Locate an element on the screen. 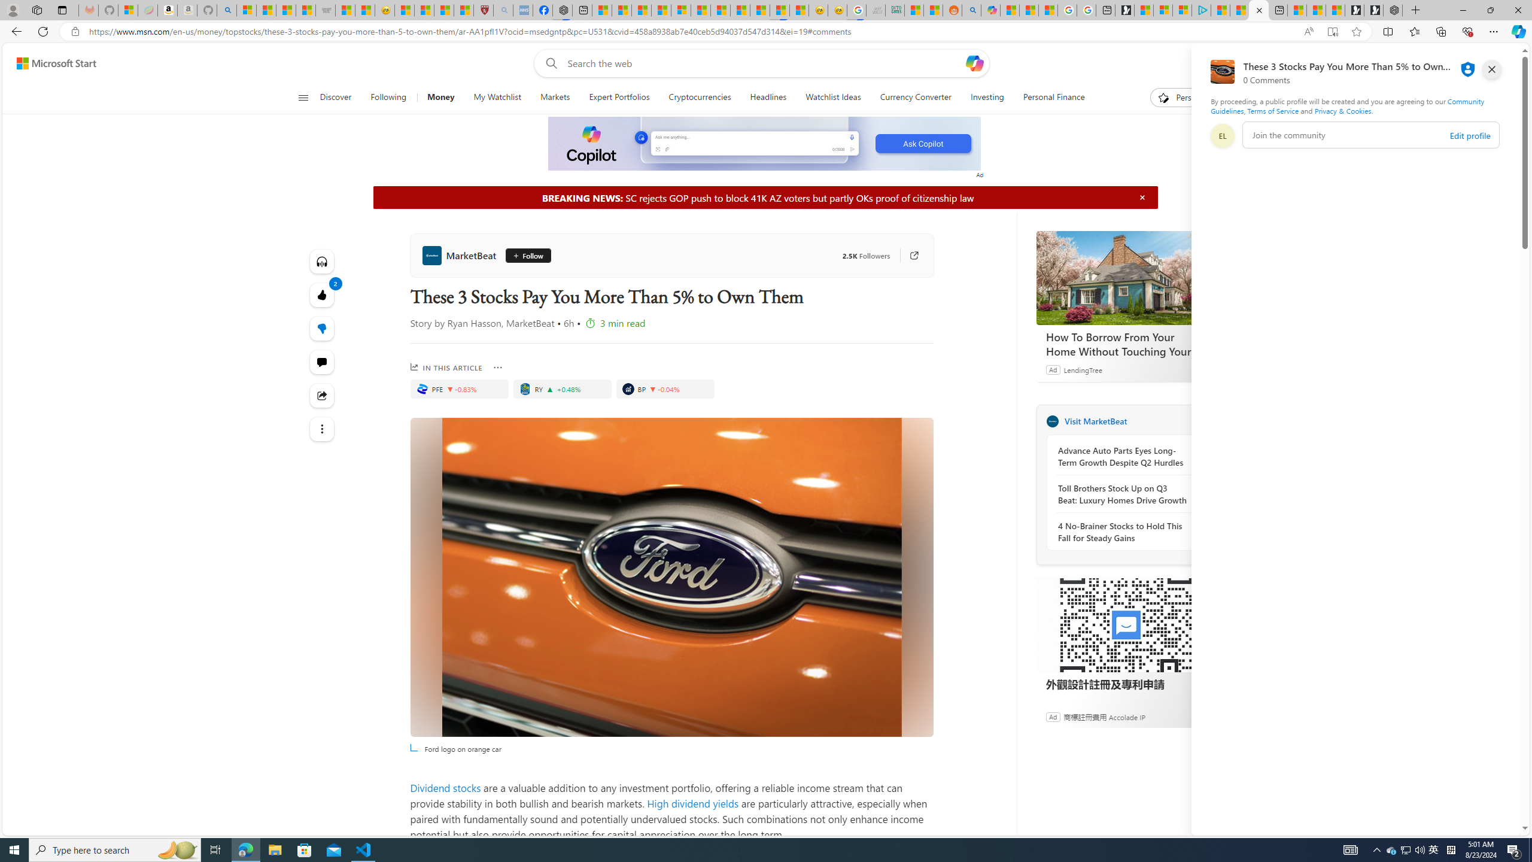 The image size is (1532, 862). 'My Watchlist' is located at coordinates (496, 97).